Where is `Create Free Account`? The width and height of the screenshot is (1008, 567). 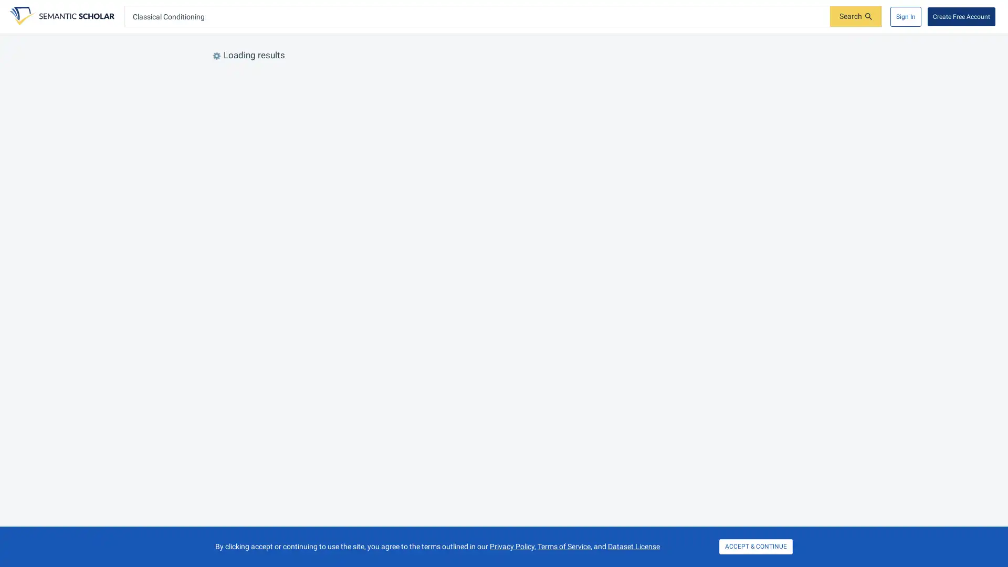
Create Free Account is located at coordinates (961, 16).